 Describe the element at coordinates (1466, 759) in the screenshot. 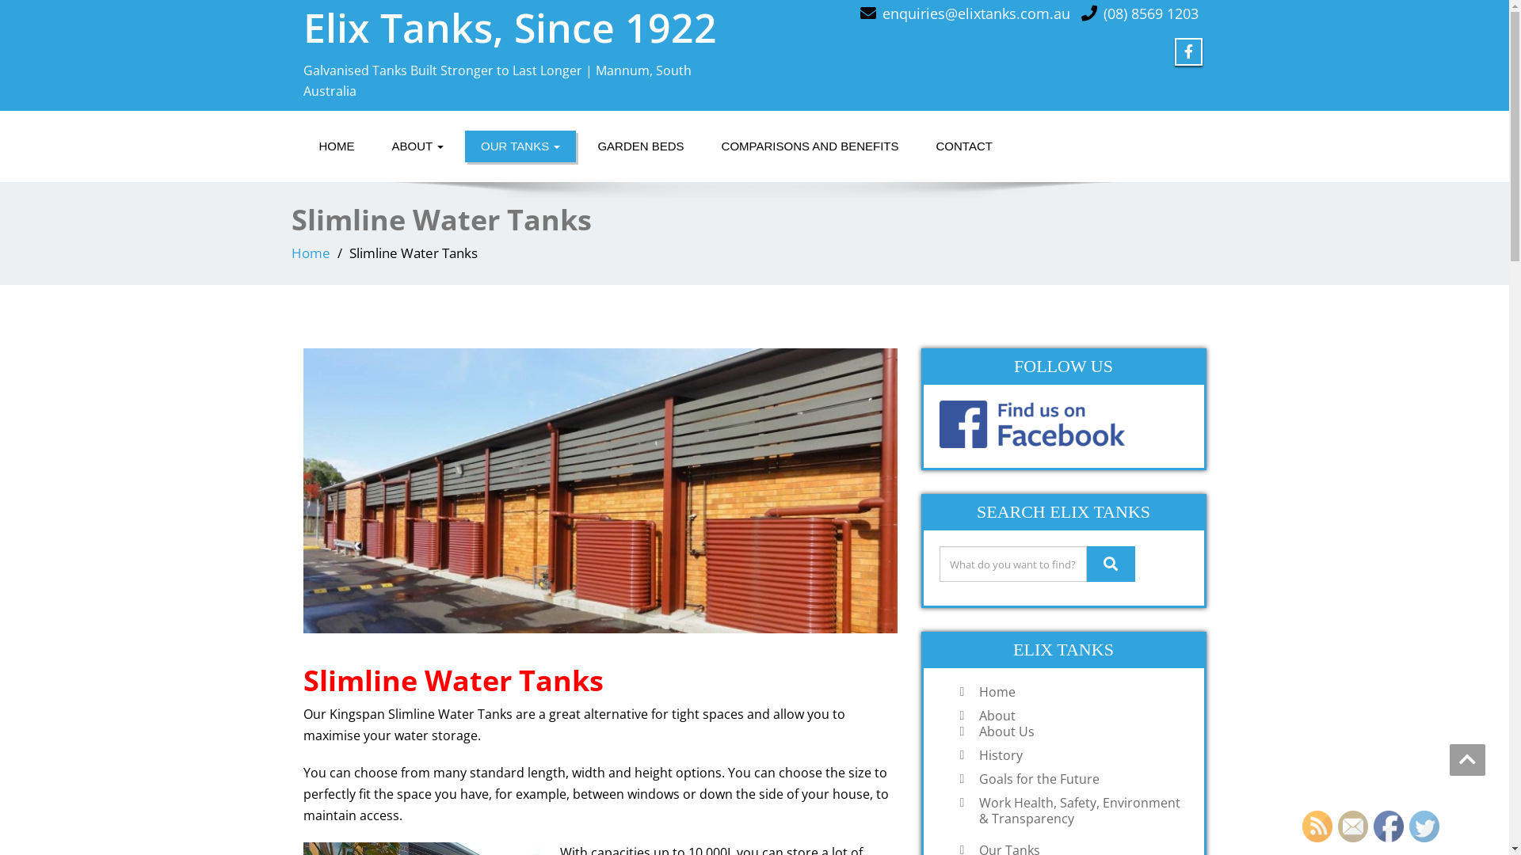

I see `'Go Top'` at that location.